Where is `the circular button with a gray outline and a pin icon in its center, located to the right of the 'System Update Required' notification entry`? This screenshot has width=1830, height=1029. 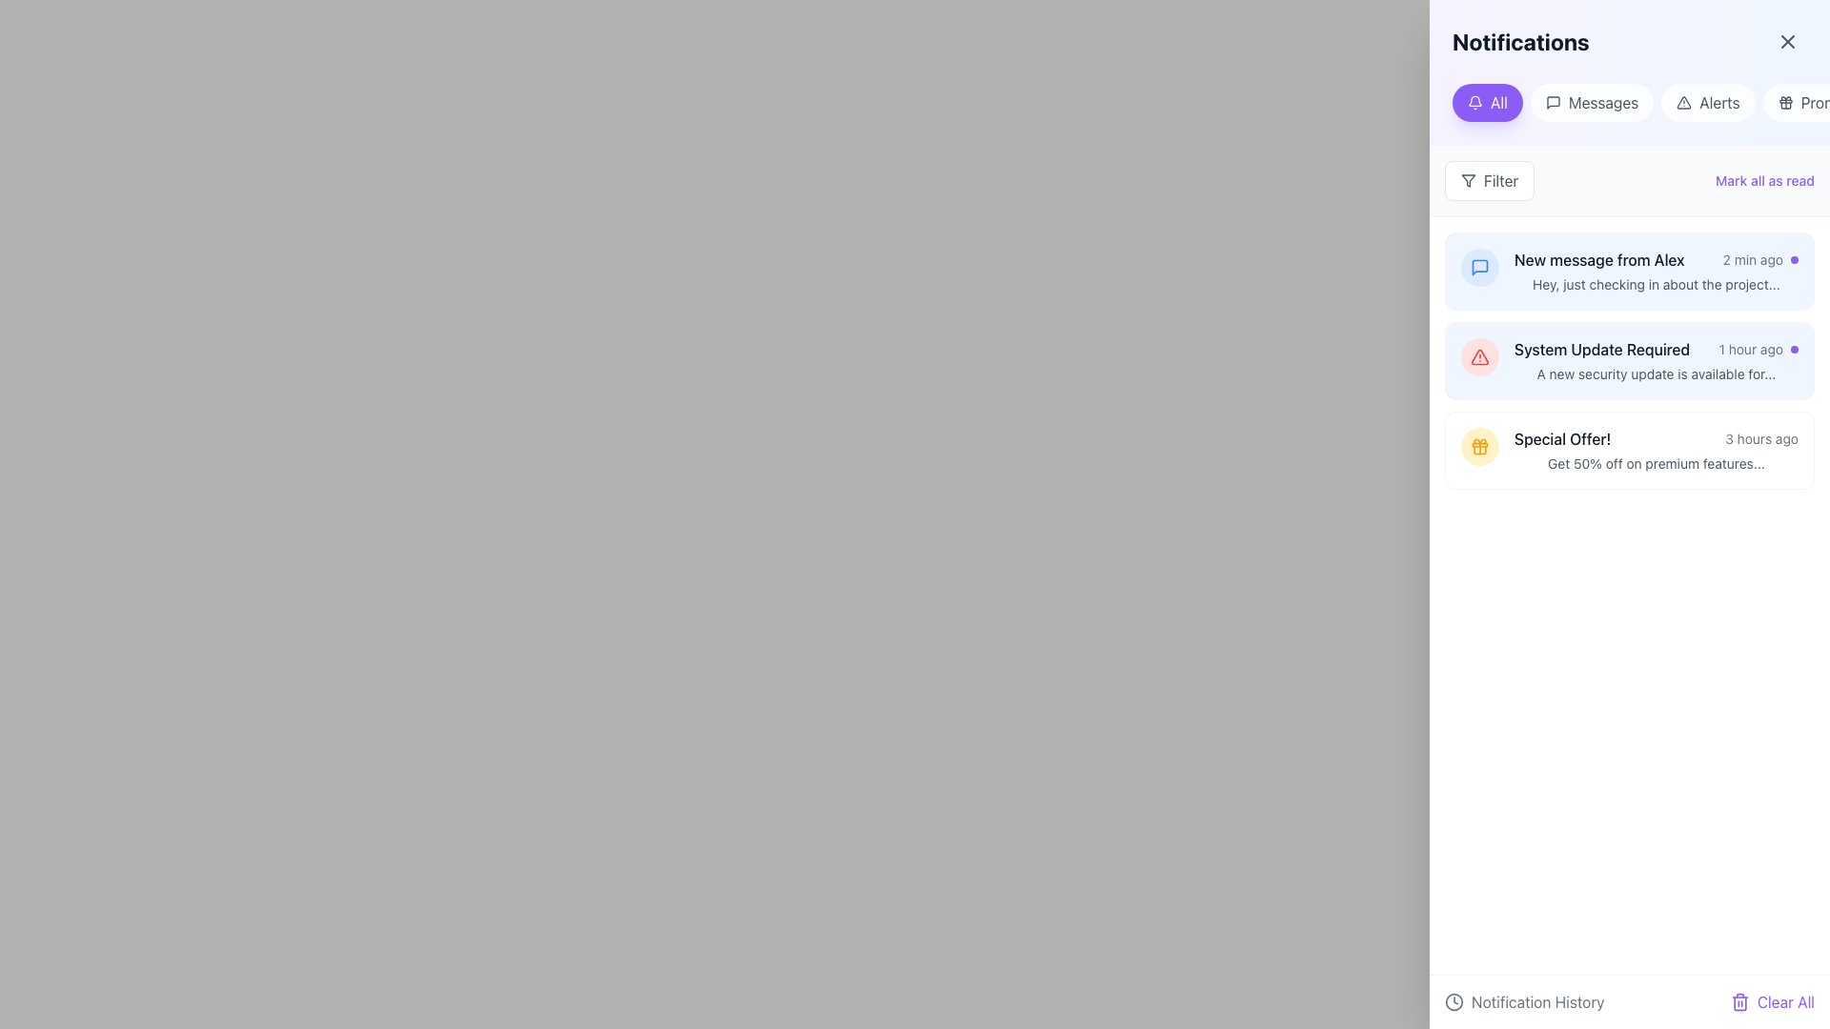
the circular button with a gray outline and a pin icon in its center, located to the right of the 'System Update Required' notification entry is located at coordinates (1744, 360).